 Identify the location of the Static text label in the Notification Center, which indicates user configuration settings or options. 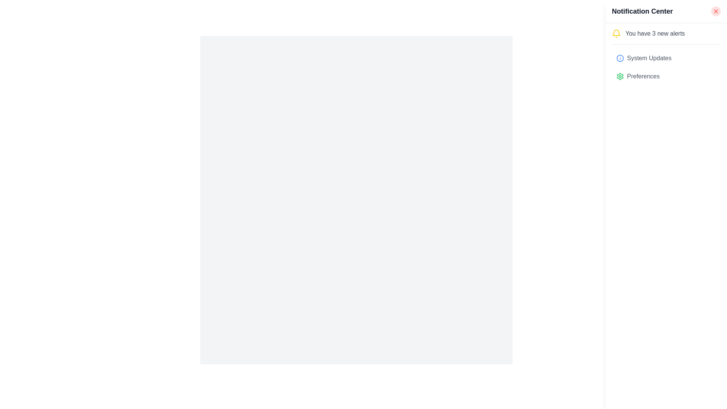
(643, 76).